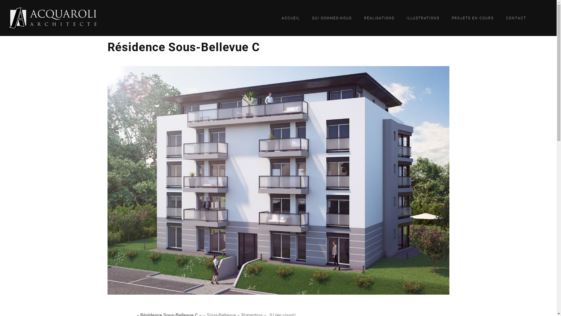  I want to click on 'PROJETS EN COURS', so click(472, 18).